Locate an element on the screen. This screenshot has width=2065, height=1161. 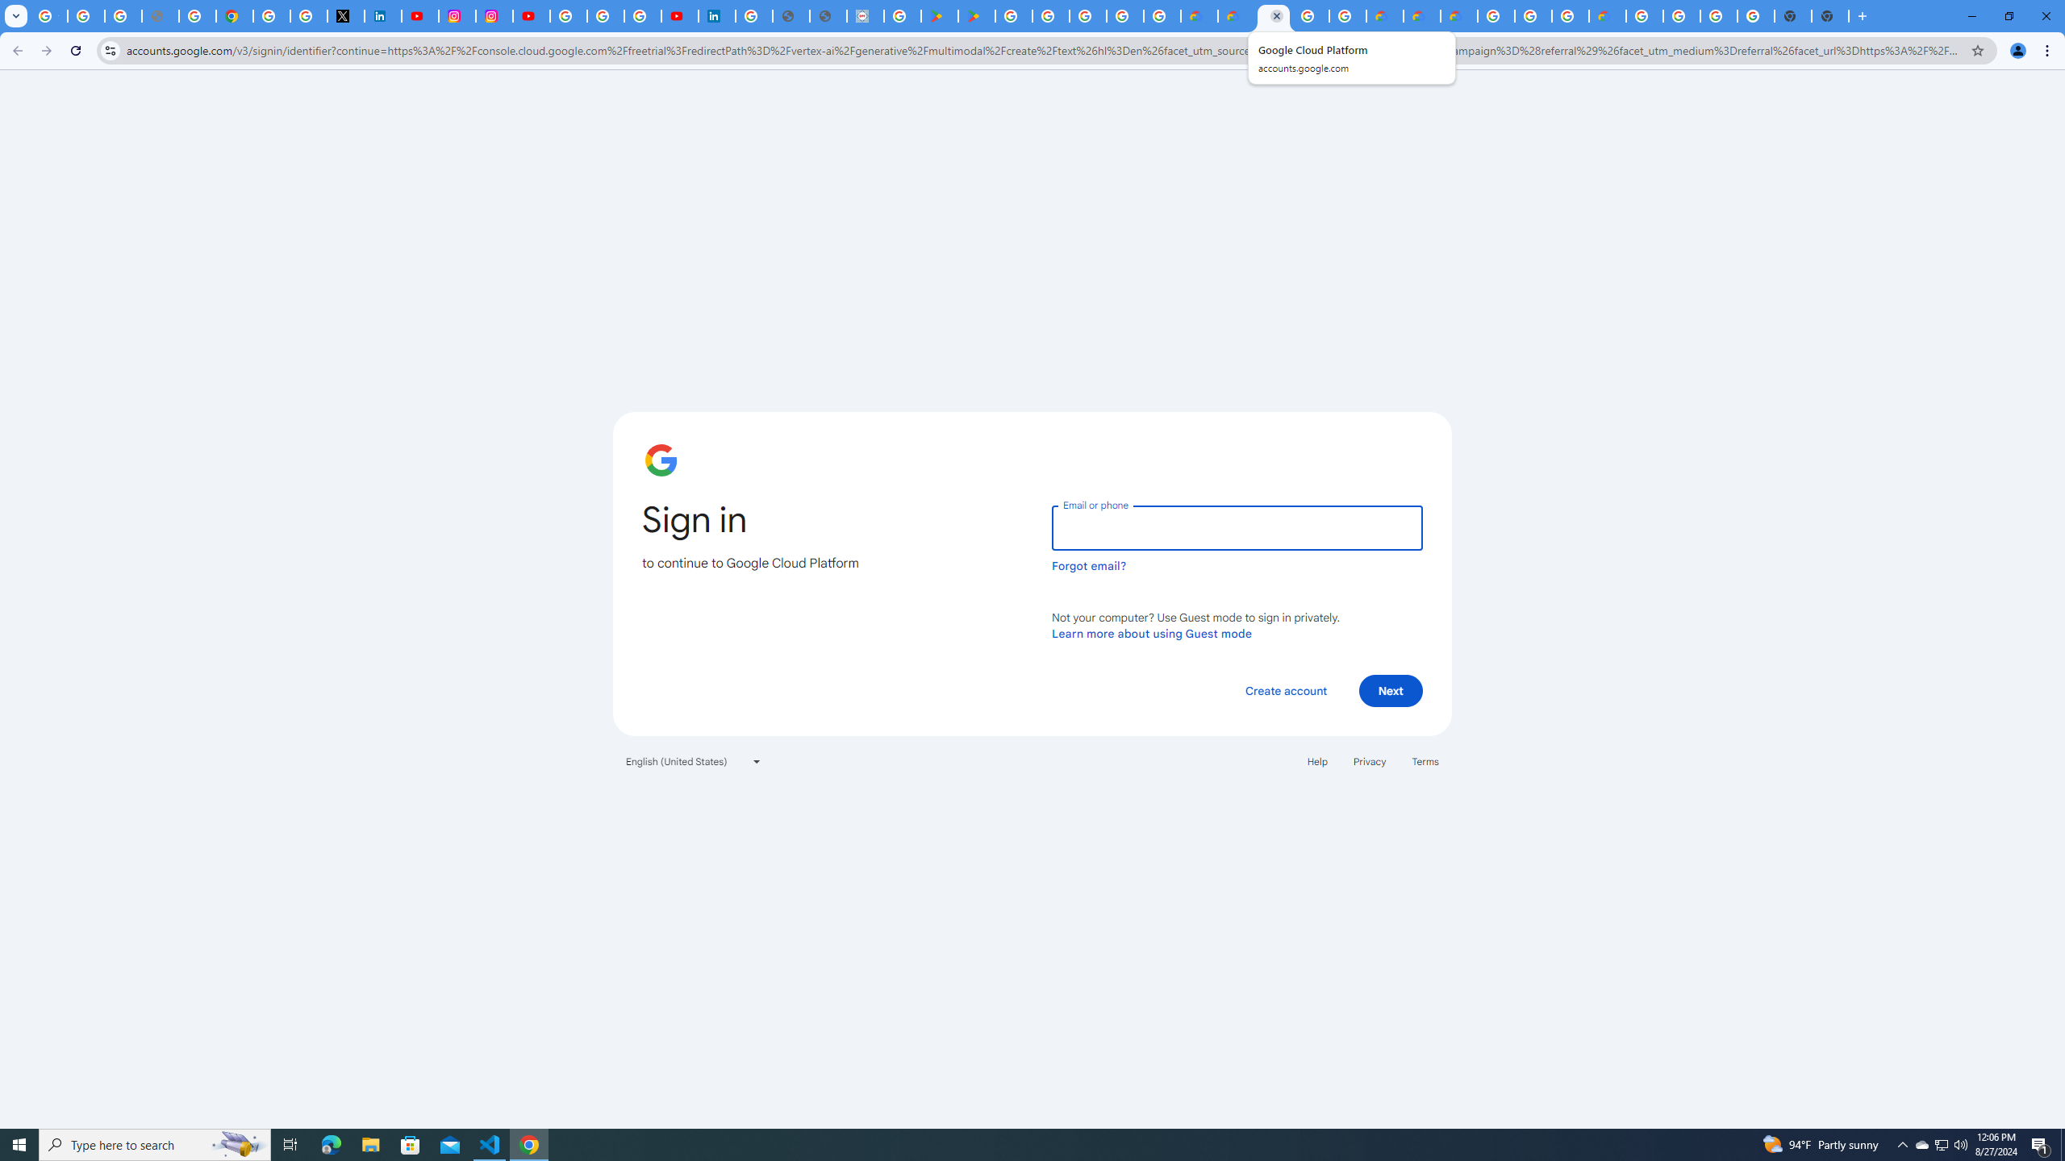
'Customer Care | Google Cloud' is located at coordinates (1384, 15).